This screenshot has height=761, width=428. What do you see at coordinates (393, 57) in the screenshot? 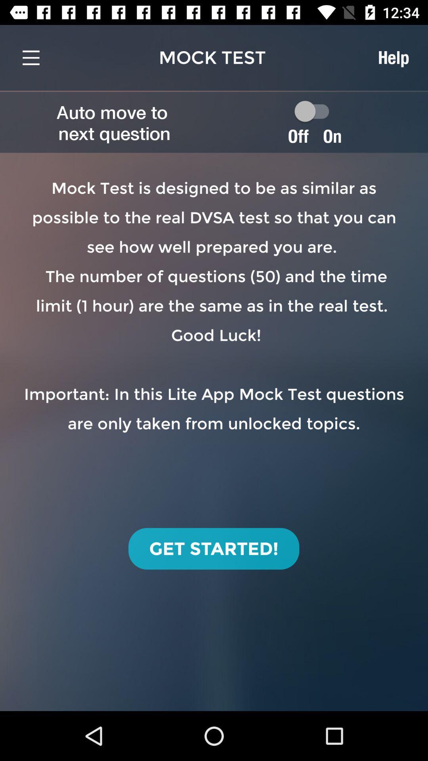
I see `the help icon` at bounding box center [393, 57].